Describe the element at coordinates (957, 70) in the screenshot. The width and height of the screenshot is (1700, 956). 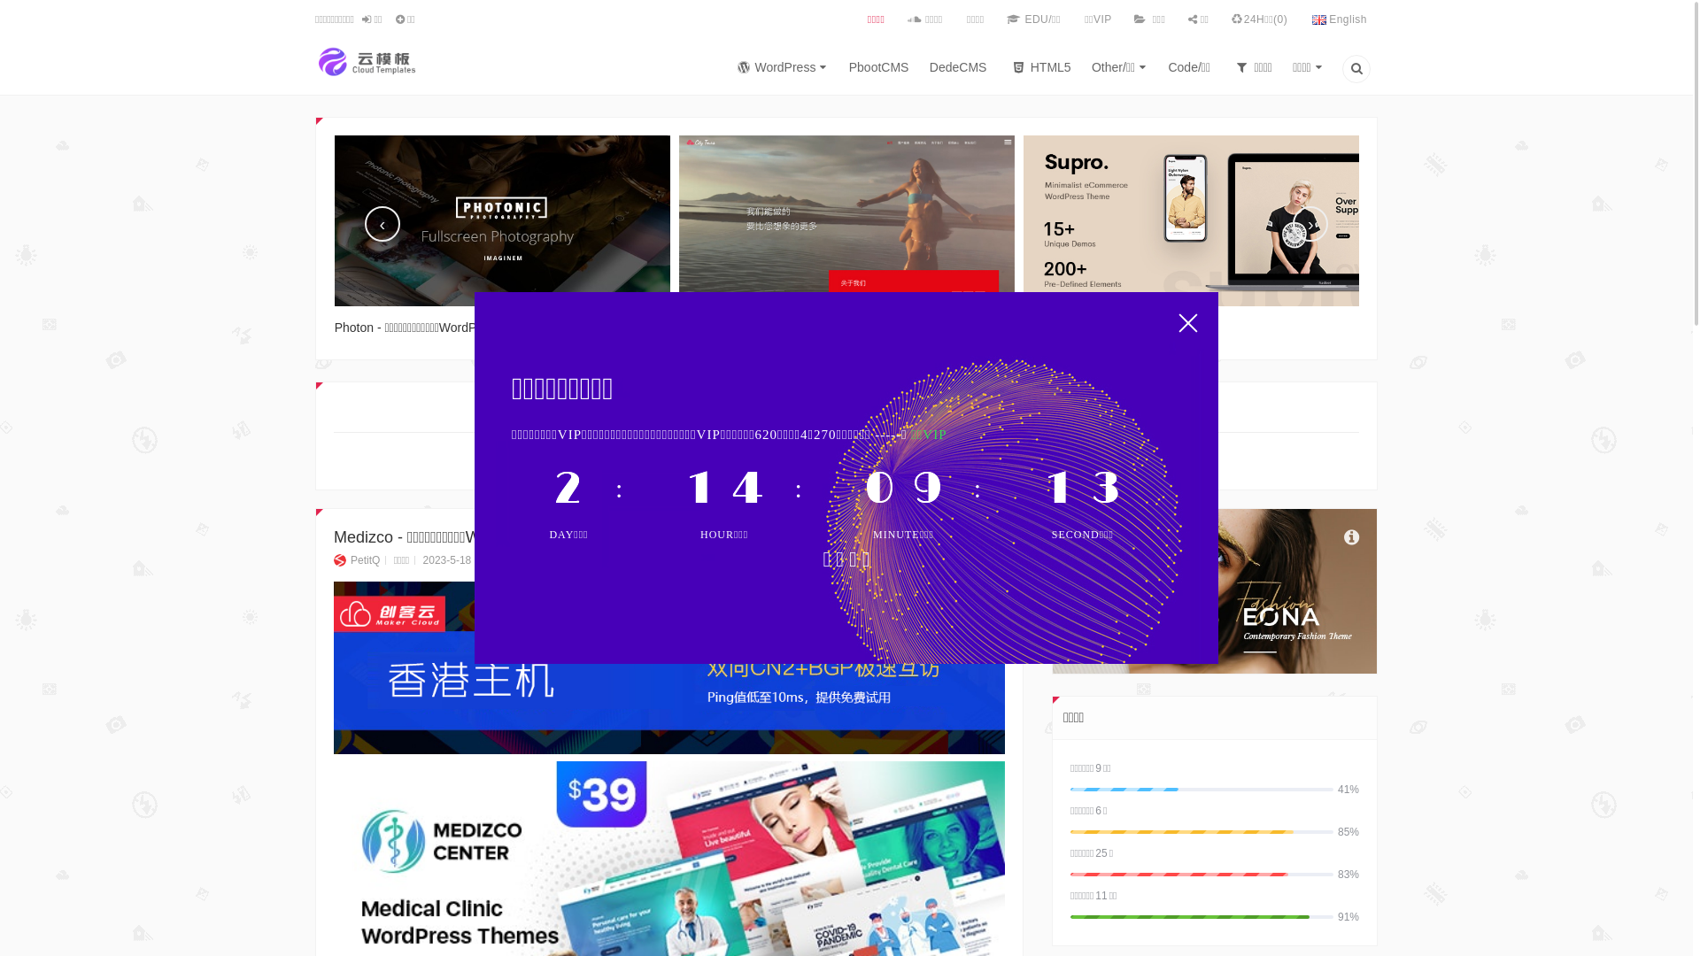
I see `'DedeCMS'` at that location.